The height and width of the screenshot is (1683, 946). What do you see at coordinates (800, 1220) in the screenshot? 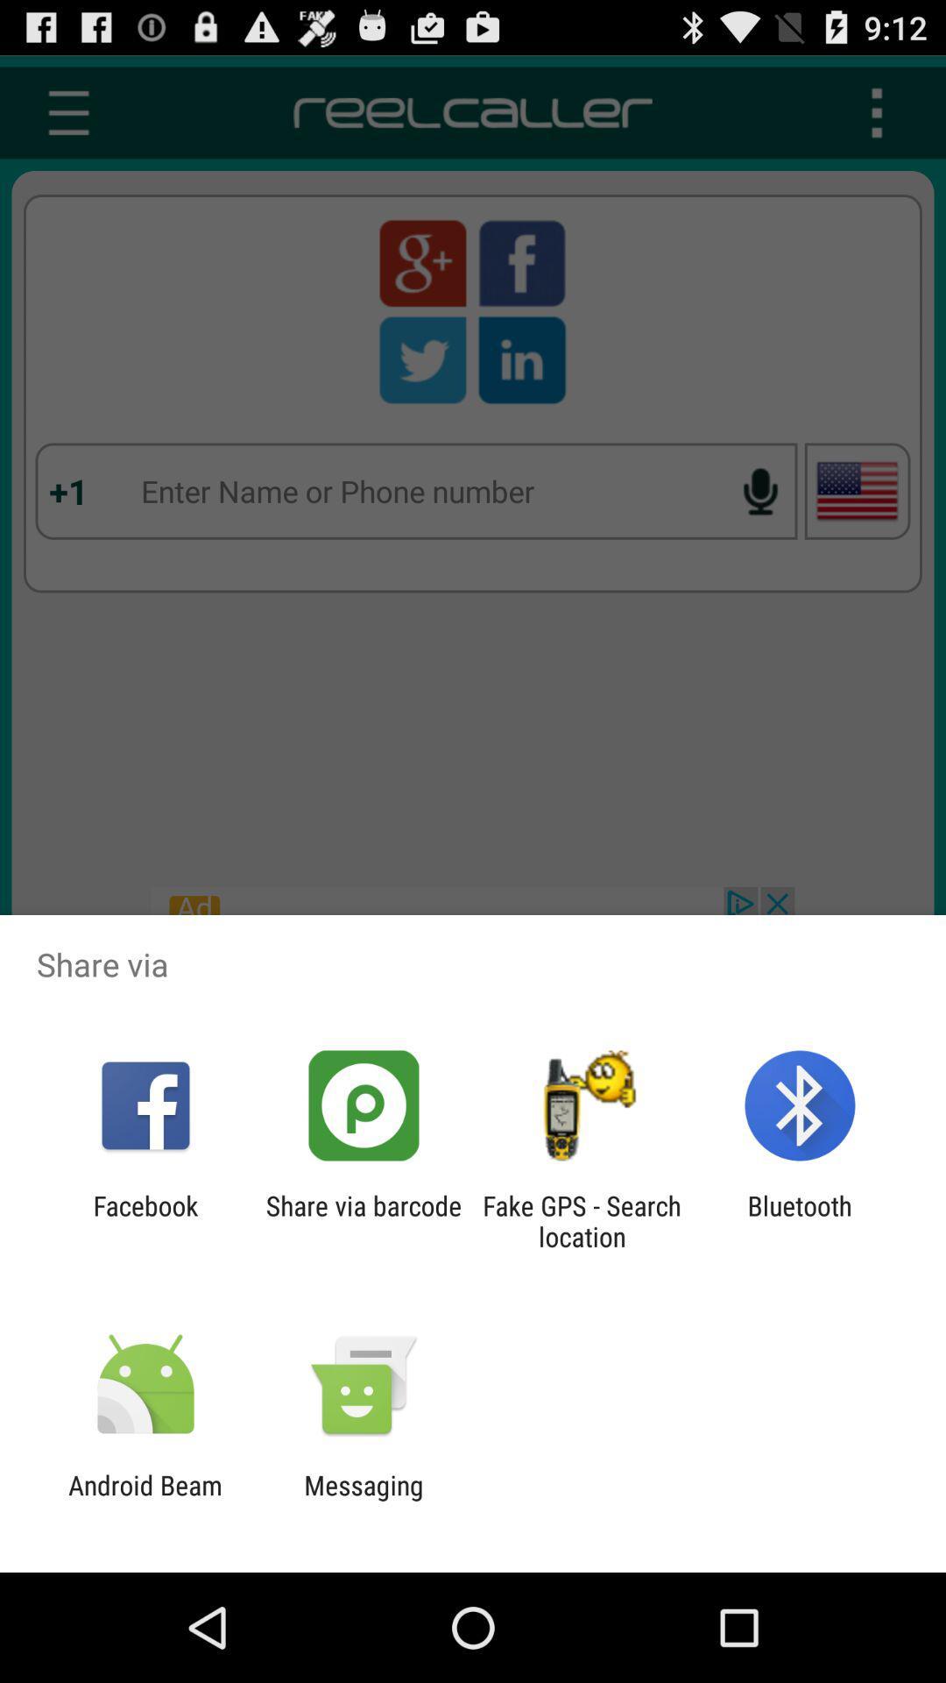
I see `the icon next to fake gps search` at bounding box center [800, 1220].